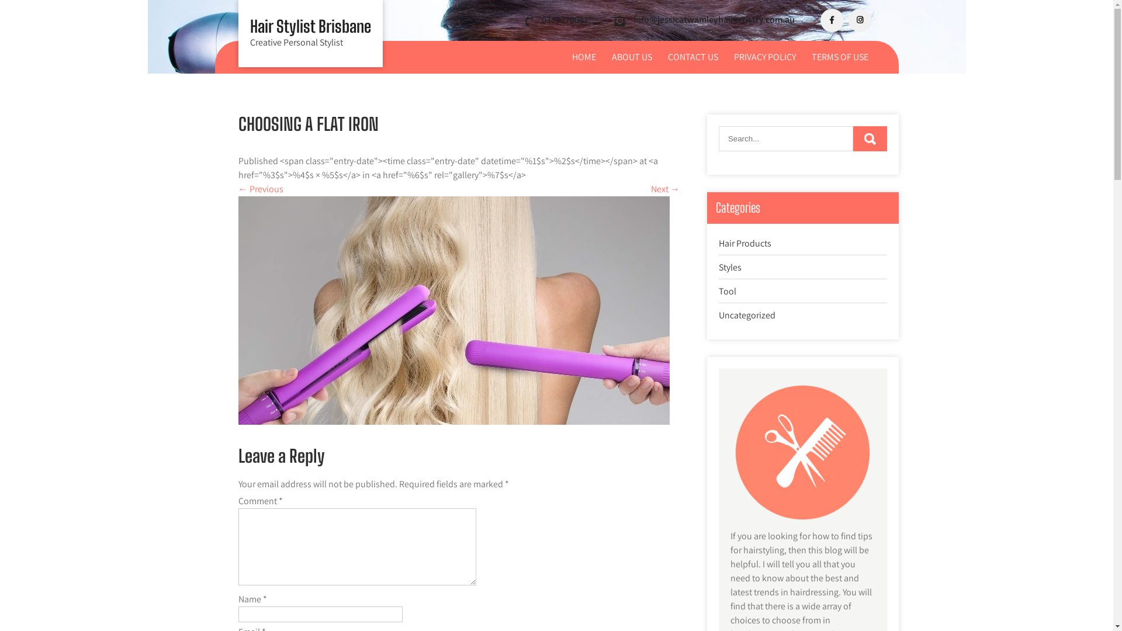  Describe the element at coordinates (714, 19) in the screenshot. I see `'info@jessicatwamleyhairartistry.com.au'` at that location.